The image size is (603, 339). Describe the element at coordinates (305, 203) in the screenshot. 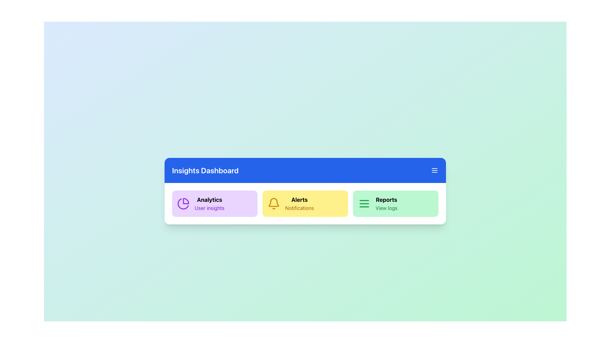

I see `the yellow button labeled 'Alerts' with a bell icon` at that location.